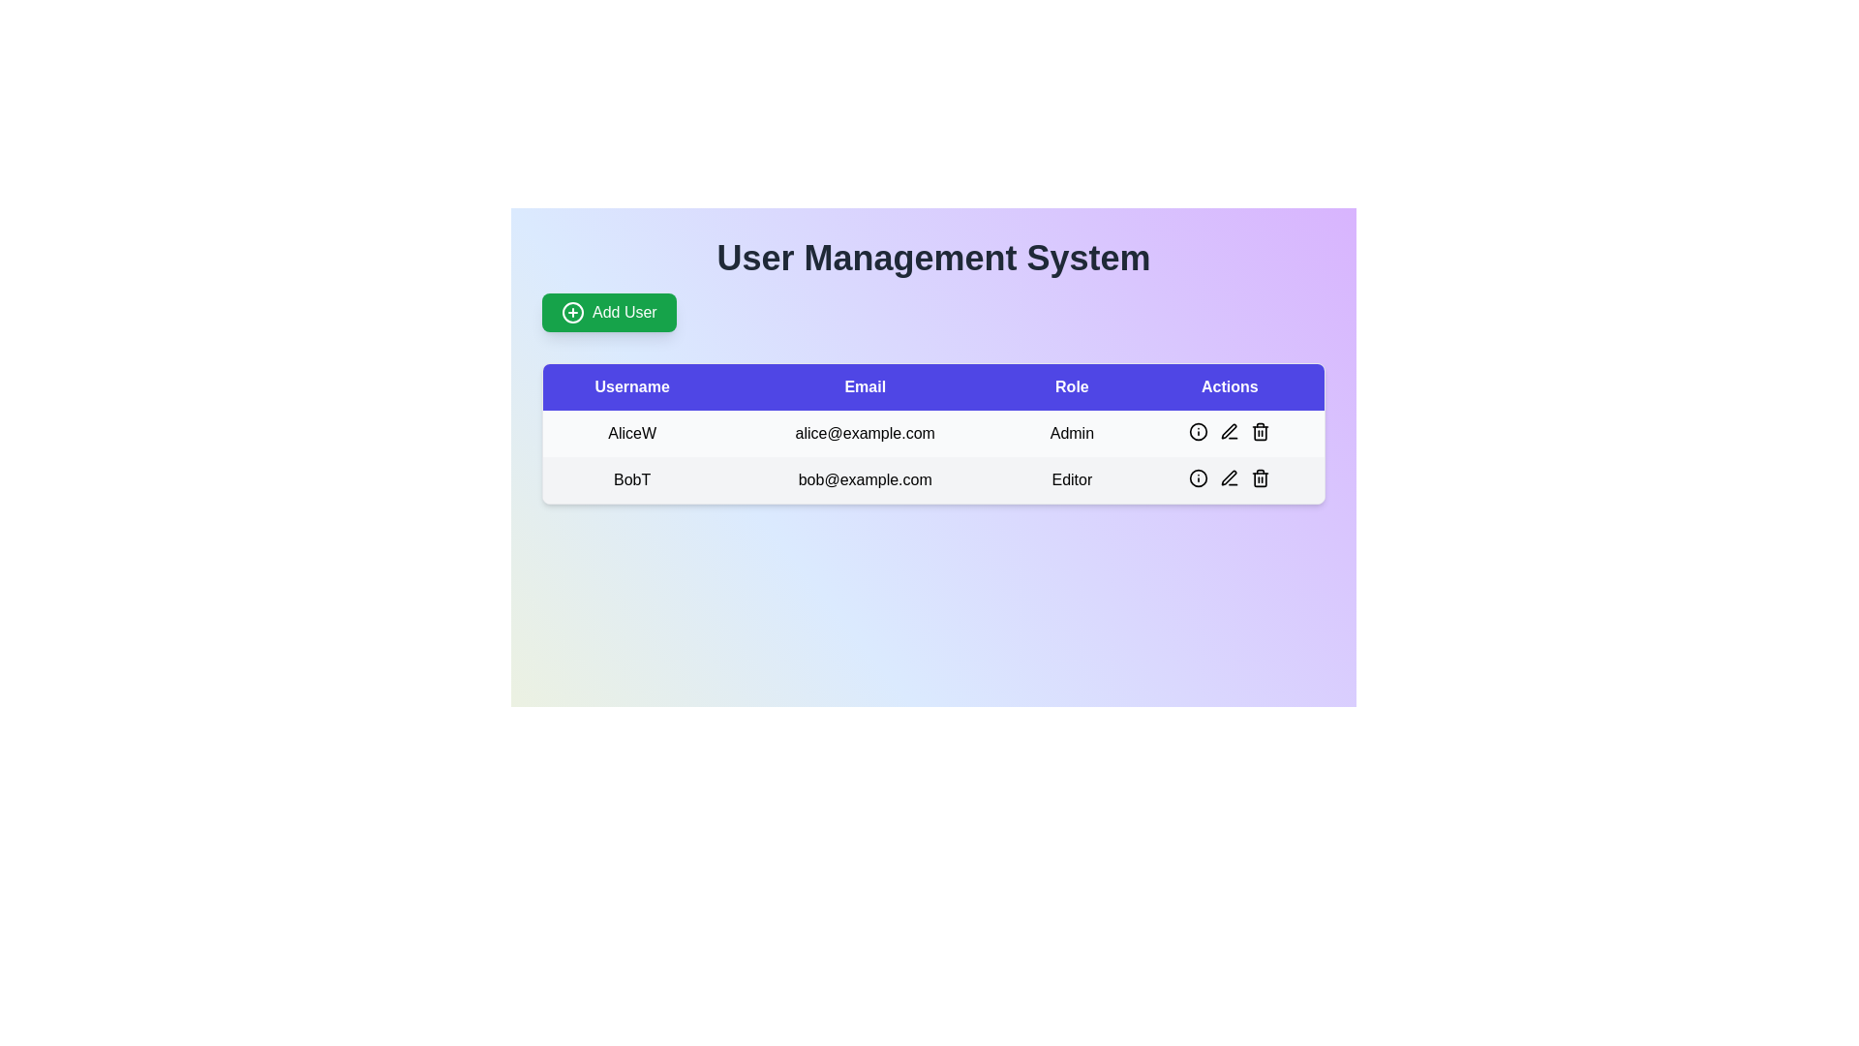  I want to click on the decorative icon part of the trash can located in the 'Actions' column of the first row in the table-style UI, so click(1261, 432).